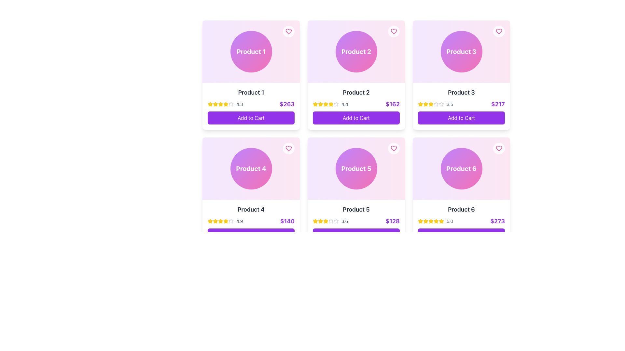  I want to click on the Text label displaying 'Product 5', which is centrally positioned under the product image in the second row, middle column of the card layout, so click(356, 209).